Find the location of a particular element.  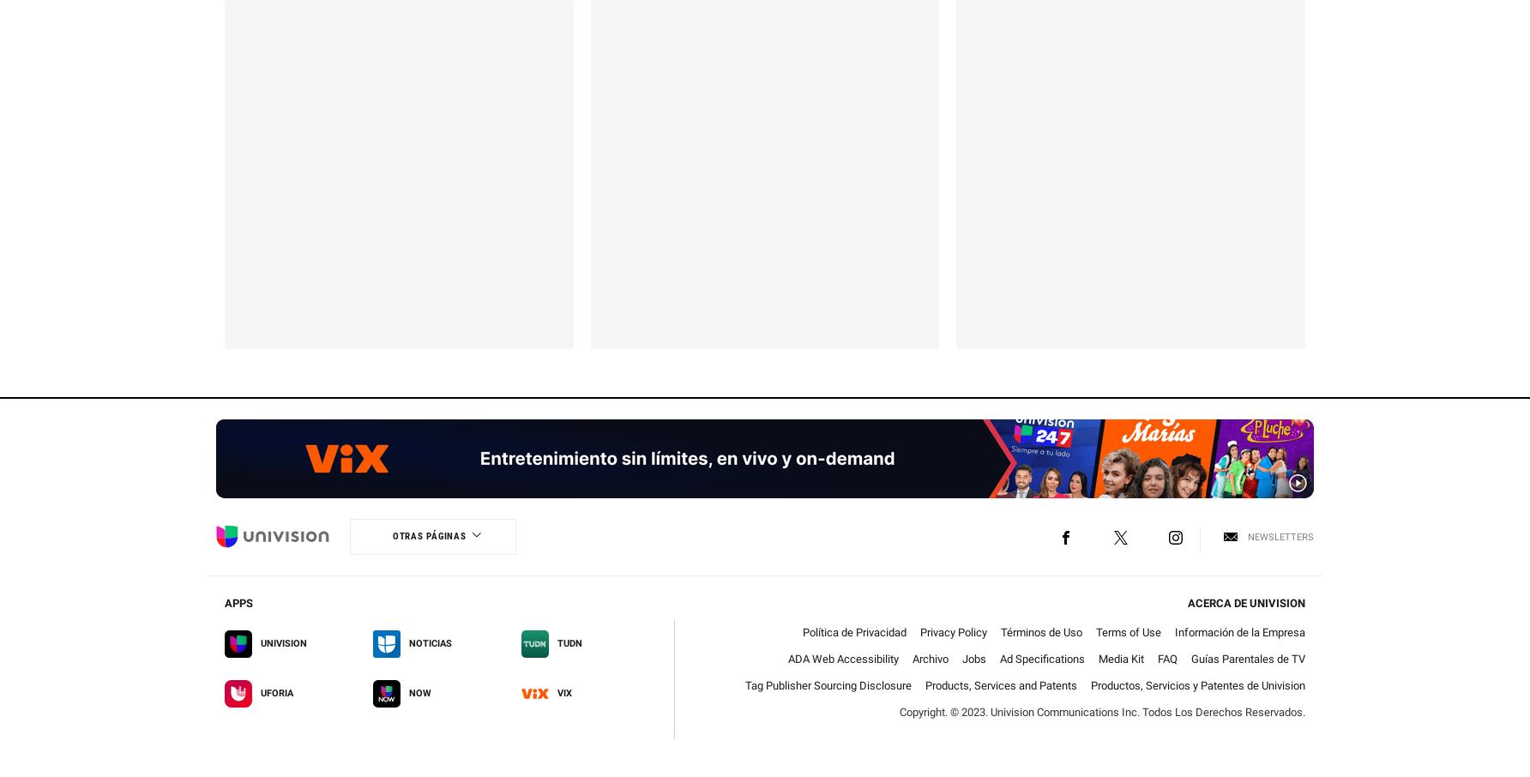

'Política de Privacidad' is located at coordinates (801, 630).